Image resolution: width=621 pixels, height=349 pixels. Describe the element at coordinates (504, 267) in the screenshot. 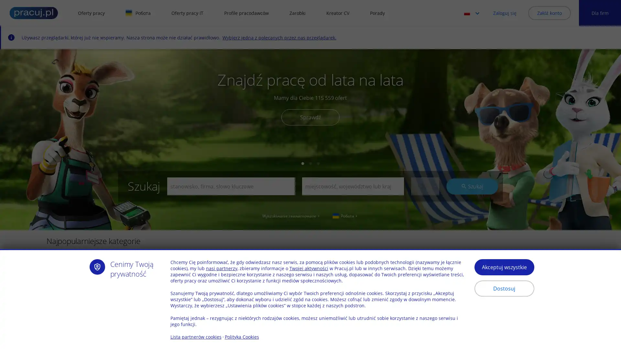

I see `Akceptuj wszystkie` at that location.